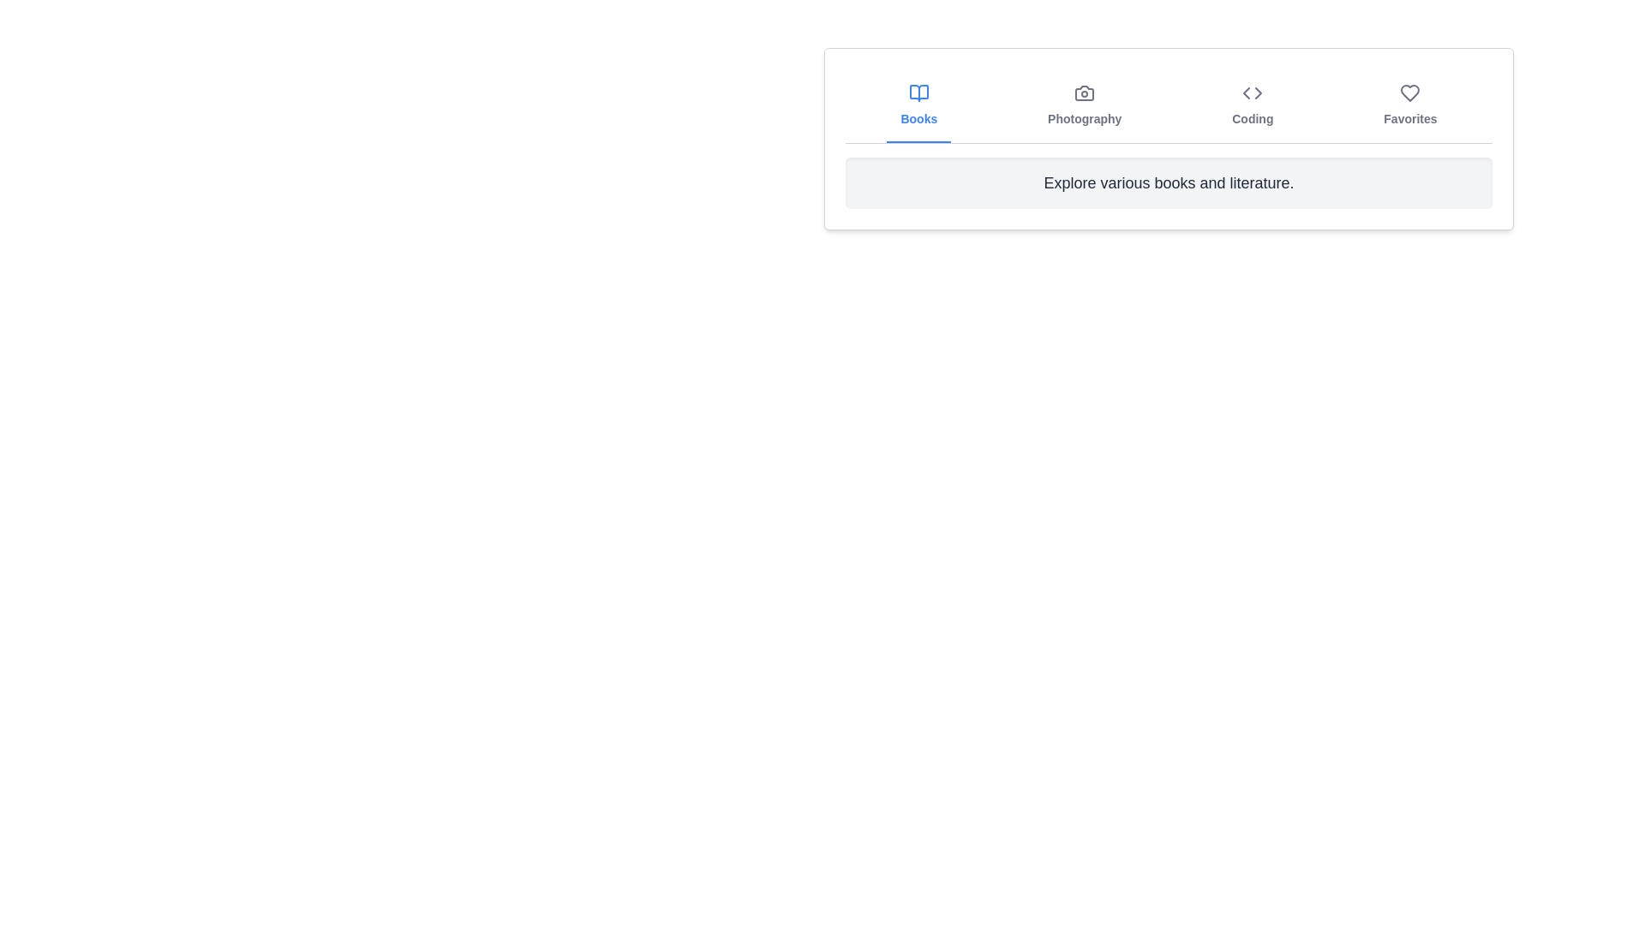  What do you see at coordinates (1410, 92) in the screenshot?
I see `the hollow heart icon with a dark outline representing the 'Favorites' feature, located at the top-right corner of the interface, above the 'Favorites' label` at bounding box center [1410, 92].